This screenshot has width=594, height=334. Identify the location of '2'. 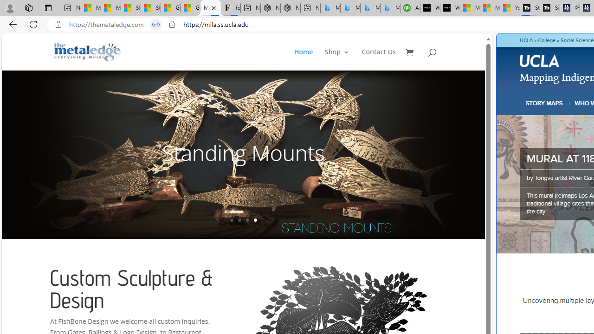
(239, 220).